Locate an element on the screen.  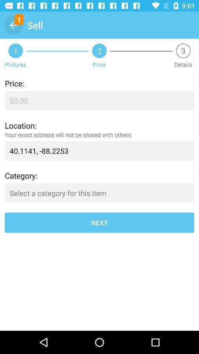
next icon is located at coordinates (99, 222).